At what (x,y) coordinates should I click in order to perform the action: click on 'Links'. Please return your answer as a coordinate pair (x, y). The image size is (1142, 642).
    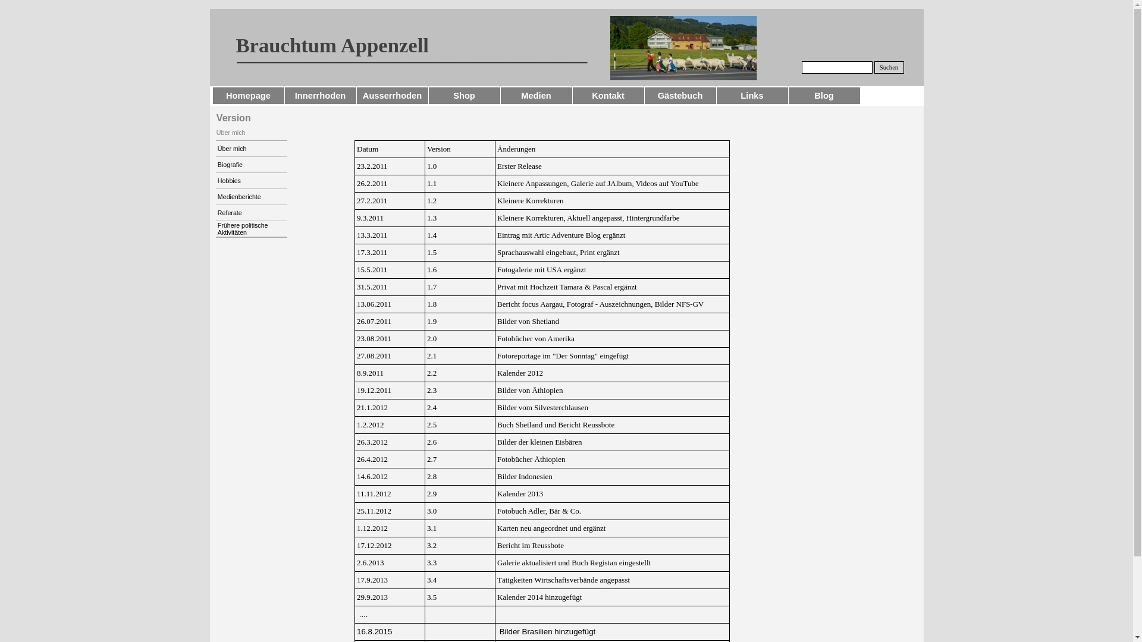
    Looking at the image, I should click on (751, 95).